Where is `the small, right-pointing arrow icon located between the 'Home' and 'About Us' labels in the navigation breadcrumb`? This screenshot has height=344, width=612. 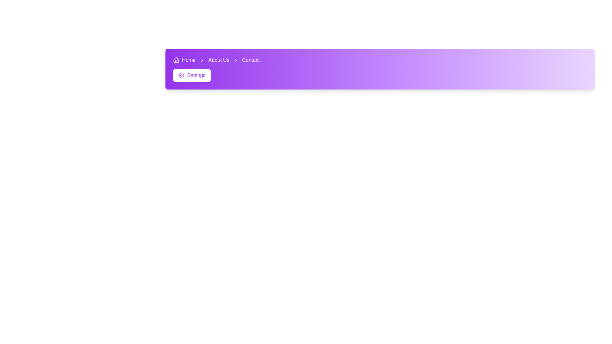 the small, right-pointing arrow icon located between the 'Home' and 'About Us' labels in the navigation breadcrumb is located at coordinates (201, 60).